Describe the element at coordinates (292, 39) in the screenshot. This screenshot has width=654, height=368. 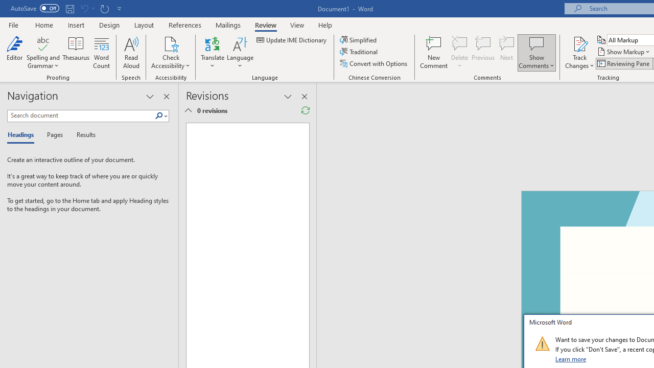
I see `'Update IME Dictionary...'` at that location.